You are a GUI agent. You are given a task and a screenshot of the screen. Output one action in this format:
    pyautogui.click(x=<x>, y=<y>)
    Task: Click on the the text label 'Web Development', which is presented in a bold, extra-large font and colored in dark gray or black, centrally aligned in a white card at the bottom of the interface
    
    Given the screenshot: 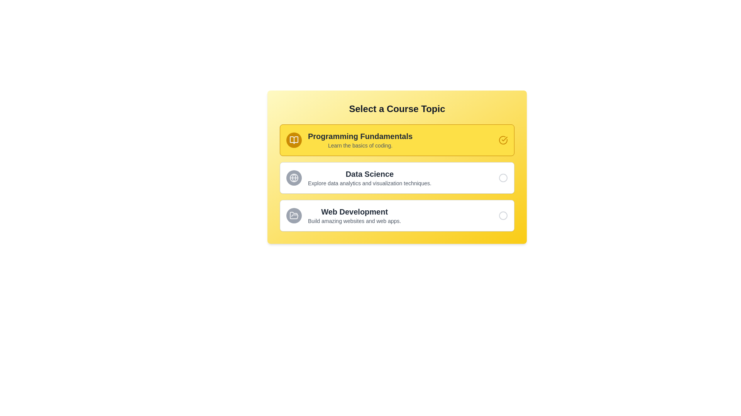 What is the action you would take?
    pyautogui.click(x=354, y=212)
    